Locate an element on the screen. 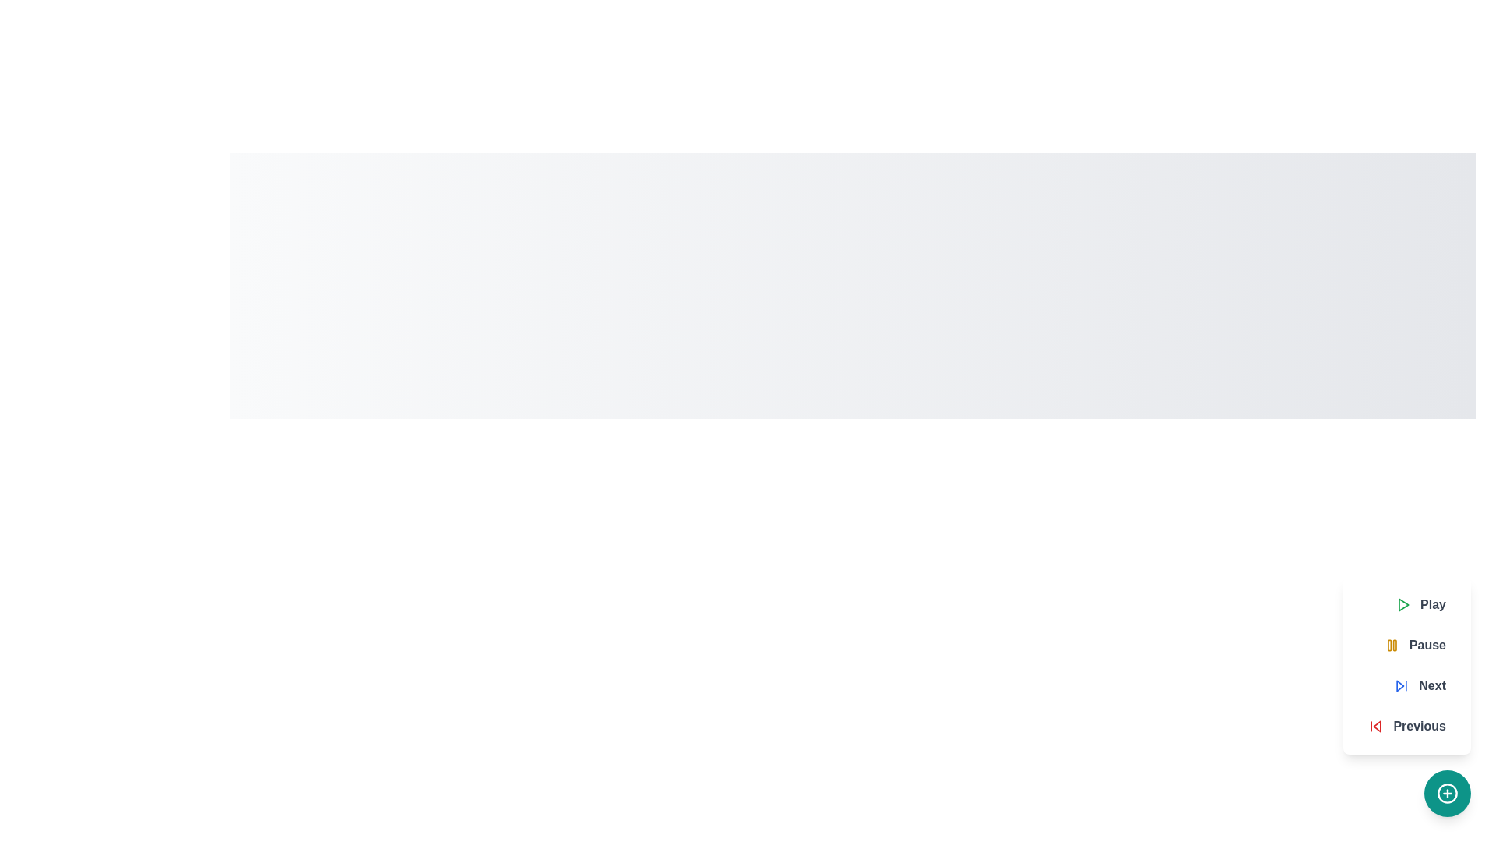 The image size is (1496, 842). the 'Next' button in the menu is located at coordinates (1420, 685).